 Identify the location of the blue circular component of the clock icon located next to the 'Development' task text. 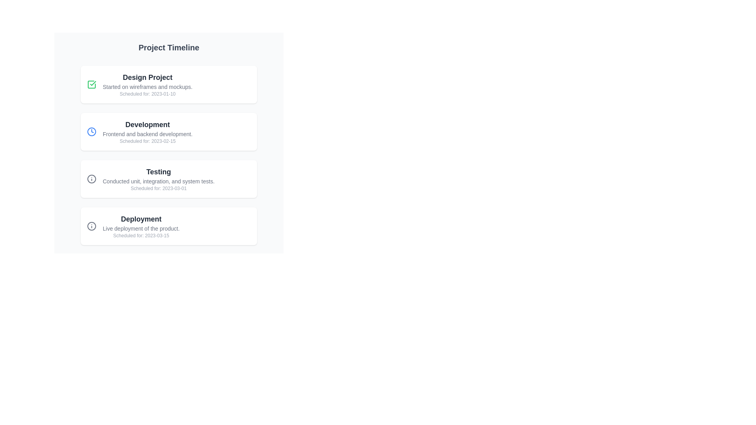
(92, 131).